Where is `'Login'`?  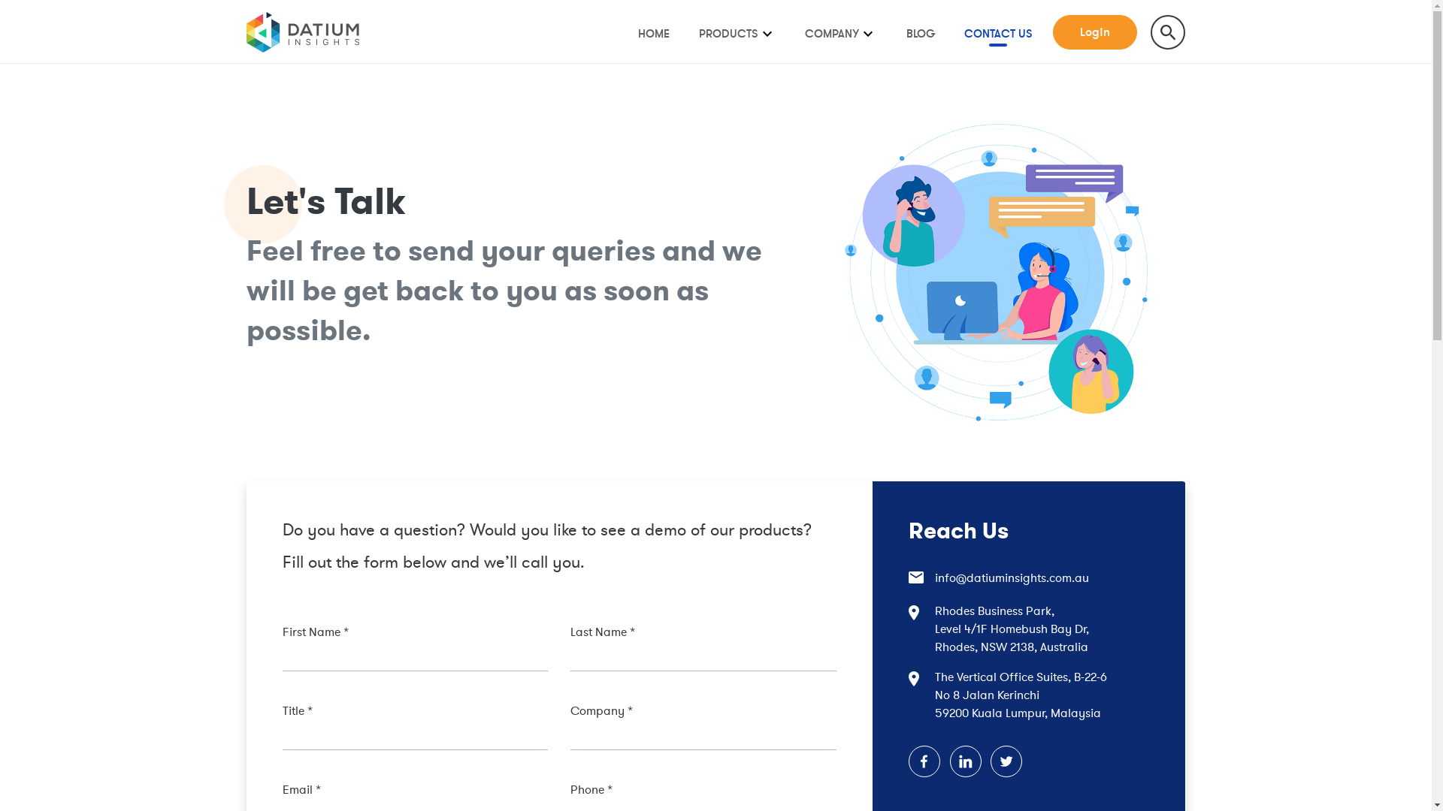
'Login' is located at coordinates (1095, 32).